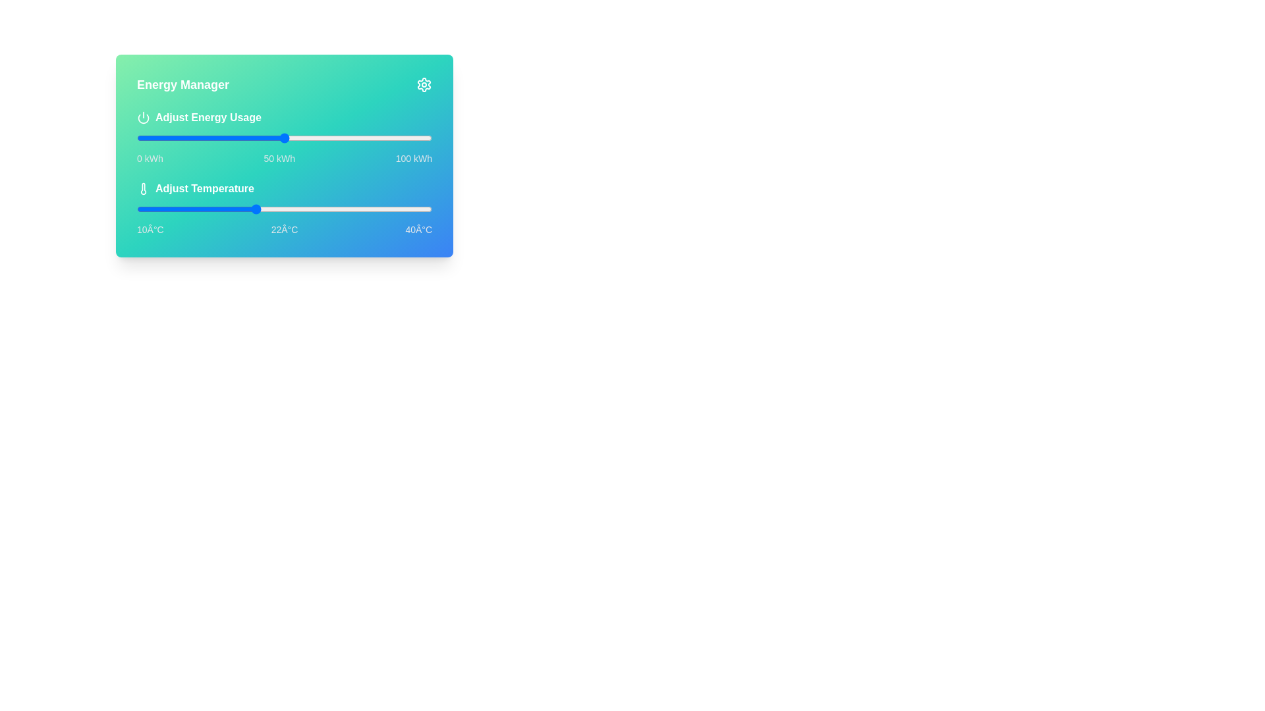 The height and width of the screenshot is (711, 1265). What do you see at coordinates (353, 208) in the screenshot?
I see `the temperature to 32°C using the slider` at bounding box center [353, 208].